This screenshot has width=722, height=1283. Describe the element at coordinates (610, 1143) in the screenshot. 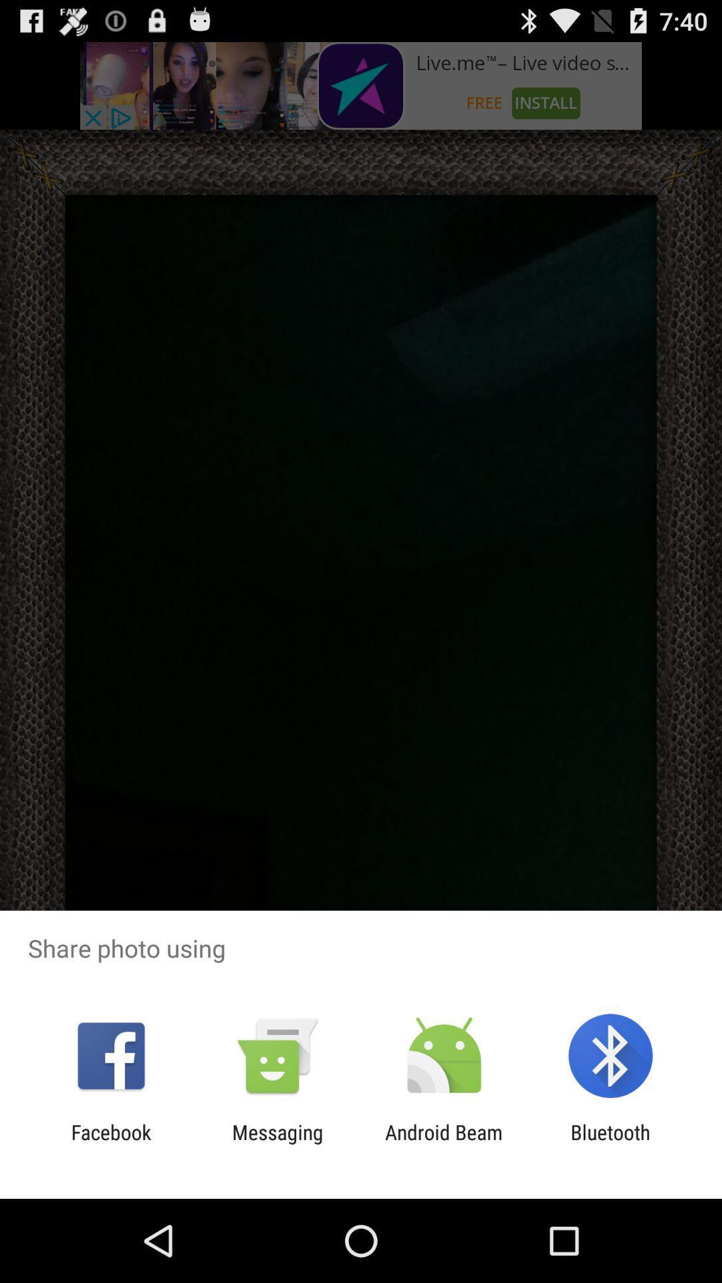

I see `the item to the right of the android beam icon` at that location.